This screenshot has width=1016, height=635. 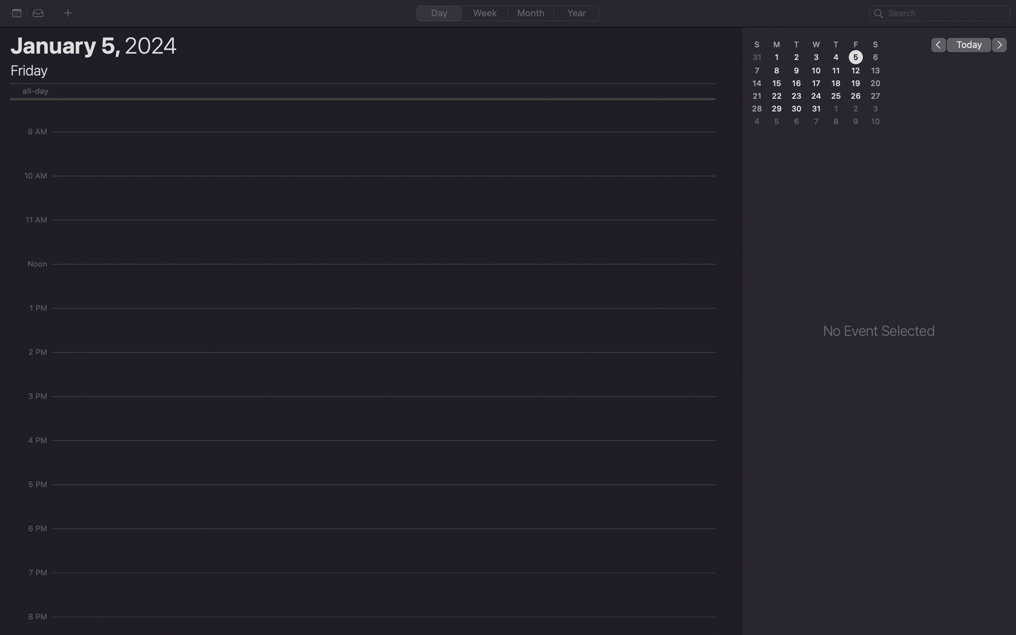 What do you see at coordinates (796, 57) in the screenshot?
I see `the digit 2 and click on it` at bounding box center [796, 57].